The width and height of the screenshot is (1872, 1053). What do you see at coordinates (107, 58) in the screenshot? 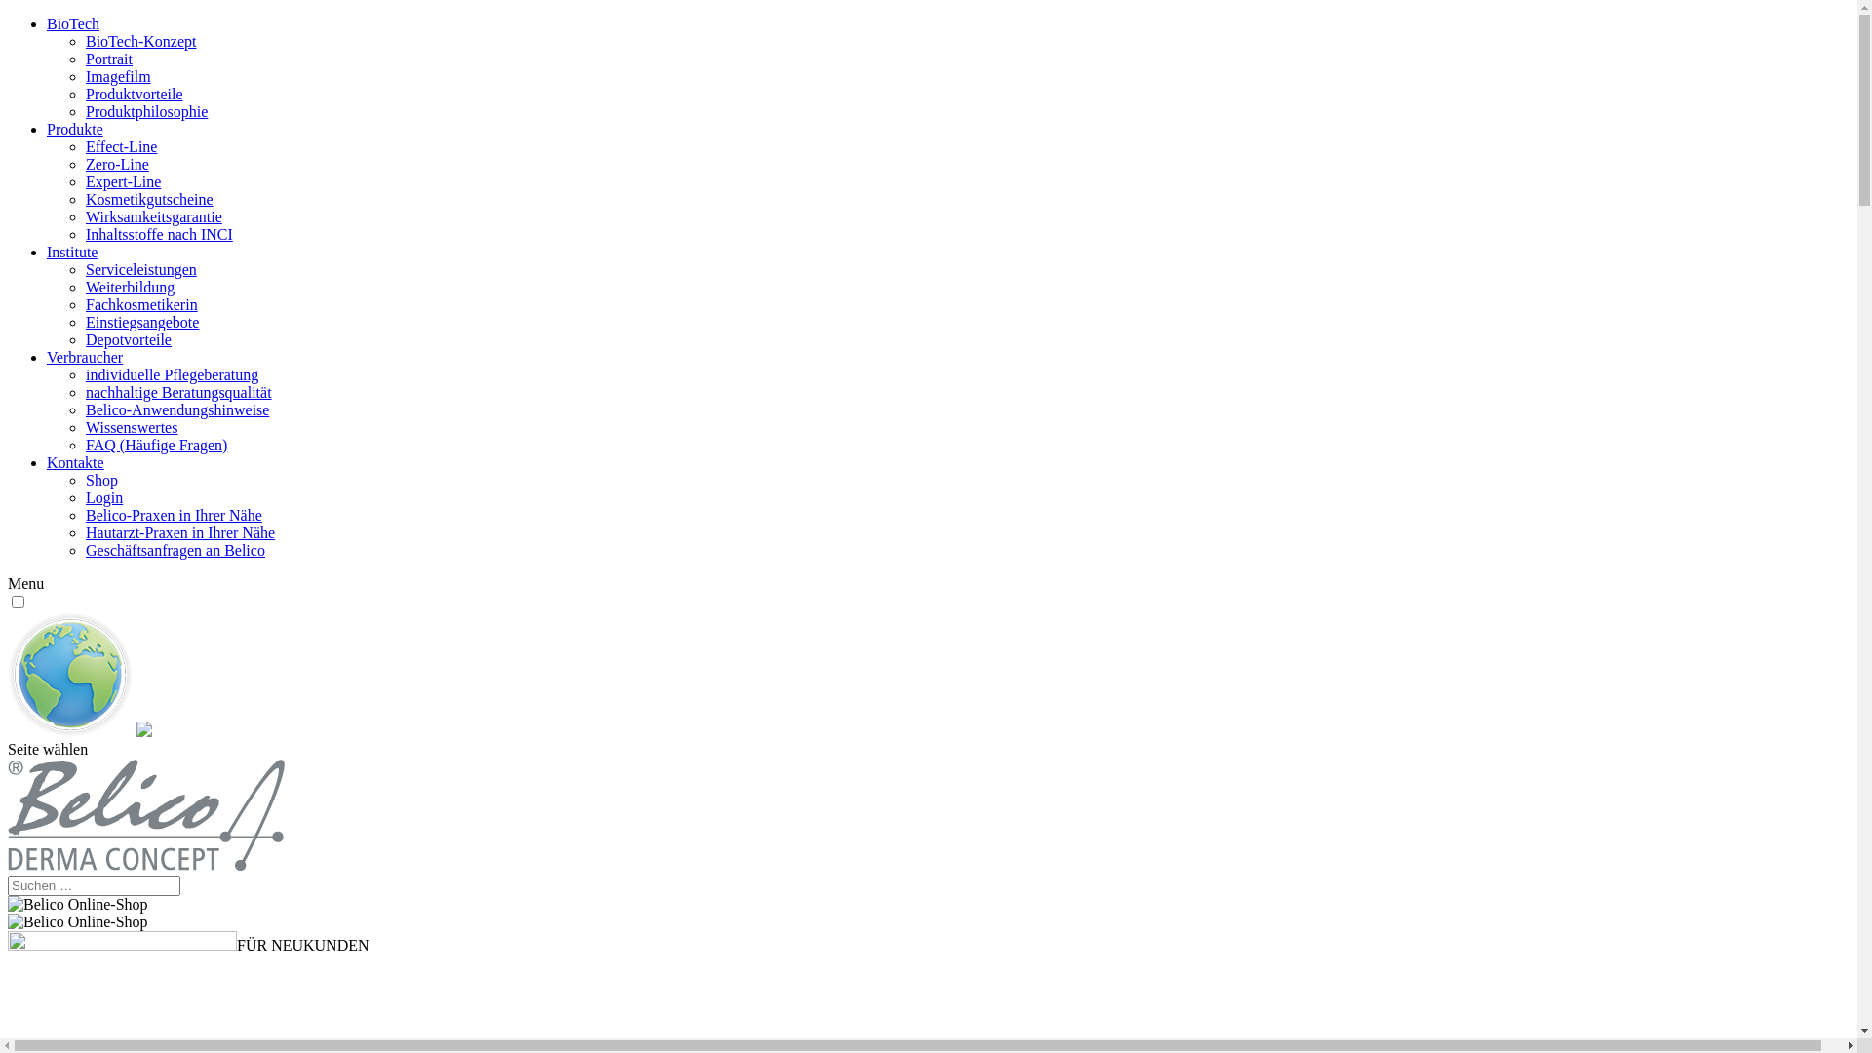
I see `'Portrait'` at bounding box center [107, 58].